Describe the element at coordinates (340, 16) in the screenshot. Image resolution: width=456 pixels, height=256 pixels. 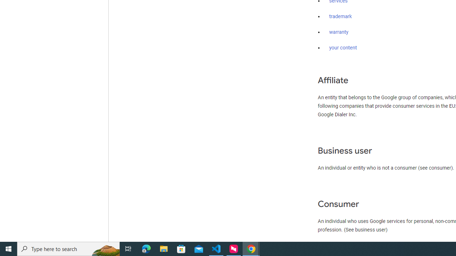
I see `'trademark'` at that location.